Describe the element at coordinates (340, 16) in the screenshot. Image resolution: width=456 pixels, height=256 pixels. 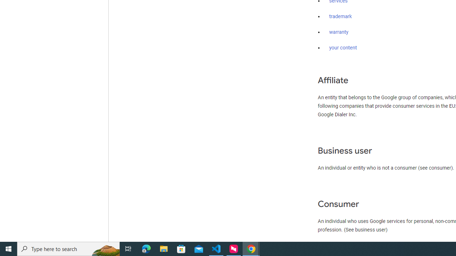
I see `'trademark'` at that location.